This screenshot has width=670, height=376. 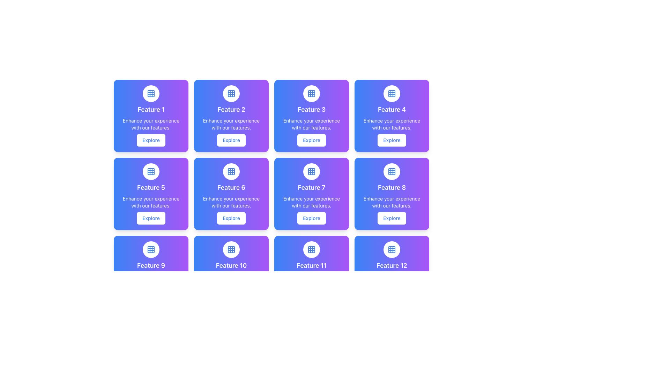 What do you see at coordinates (392, 172) in the screenshot?
I see `the grid-related icon located at the top center of the card labeled 'Feature 8', which is positioned in the second row, fourth column of a 4x3 grid layout` at bounding box center [392, 172].